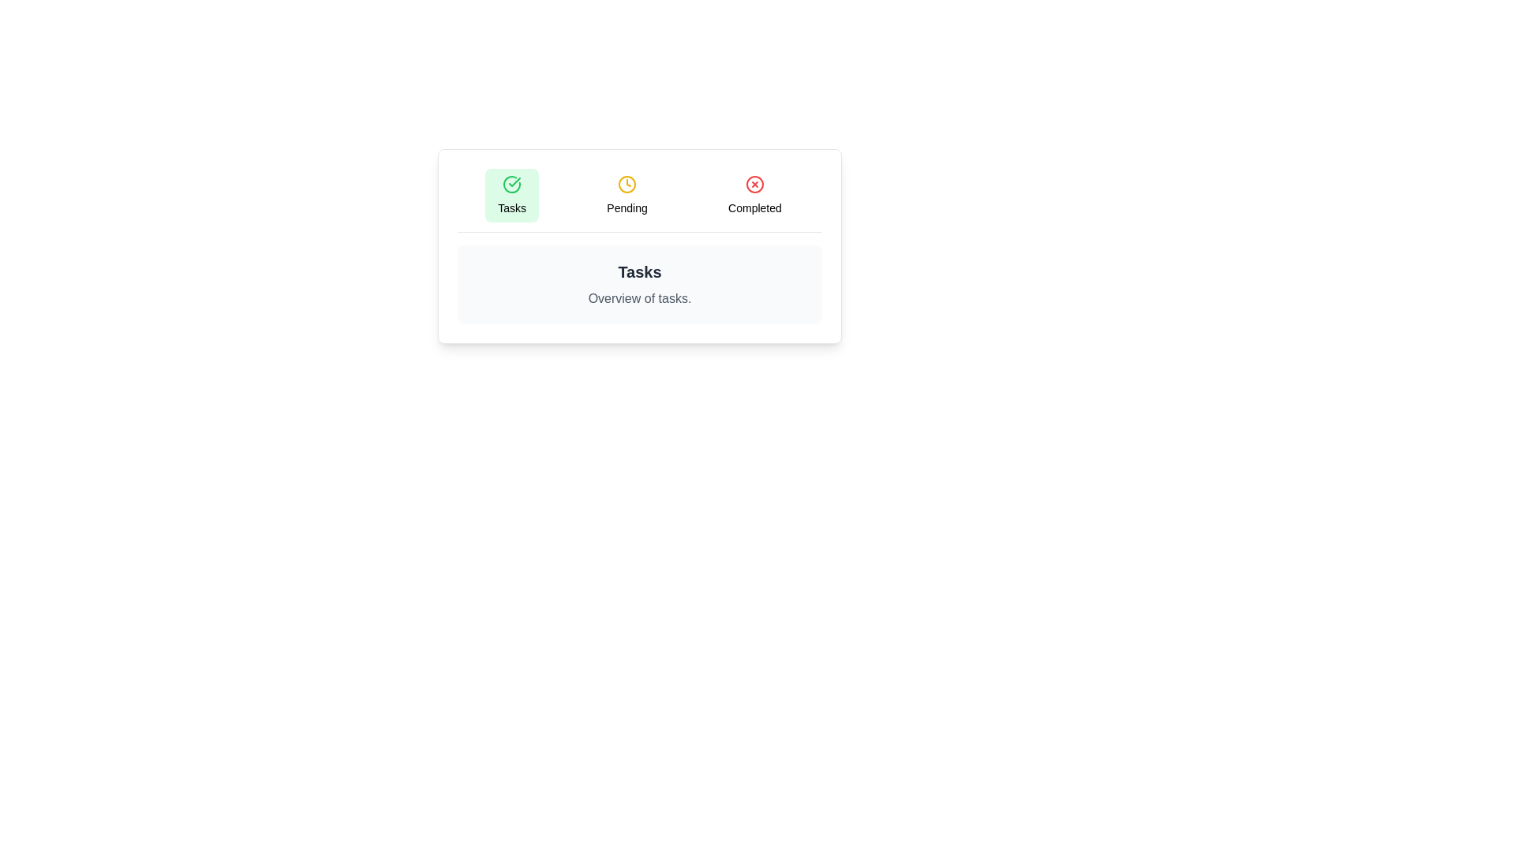  Describe the element at coordinates (512, 194) in the screenshot. I see `the tab labeled Tasks` at that location.